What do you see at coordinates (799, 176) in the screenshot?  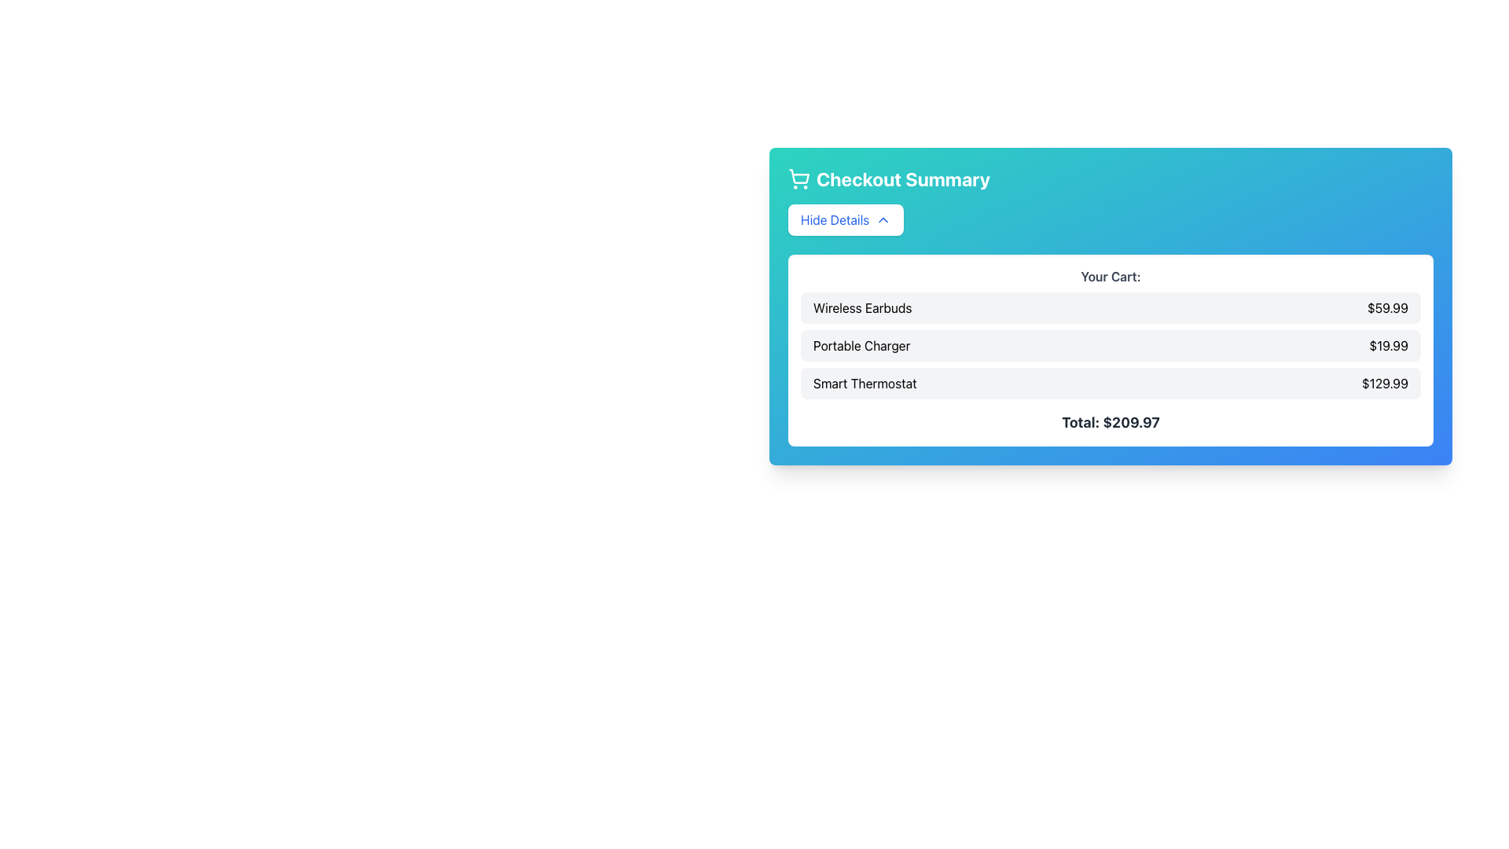 I see `the decorative visual element of the shopping cart icon located in the lower section of the icon, which is part of the checkout summary card` at bounding box center [799, 176].